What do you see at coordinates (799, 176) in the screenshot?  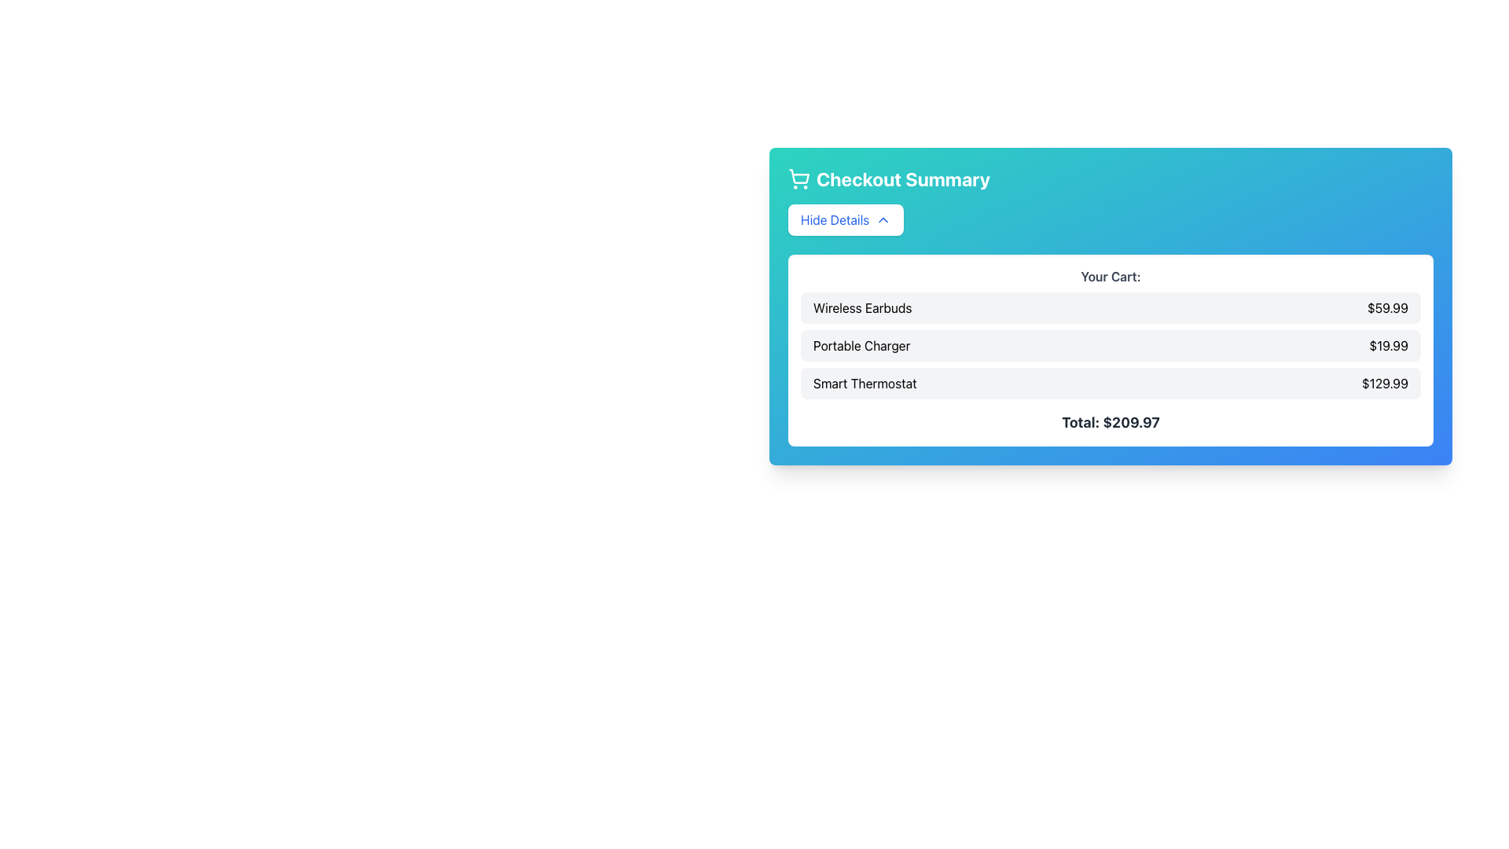 I see `the decorative visual element of the shopping cart icon located in the lower section of the icon, which is part of the checkout summary card` at bounding box center [799, 176].